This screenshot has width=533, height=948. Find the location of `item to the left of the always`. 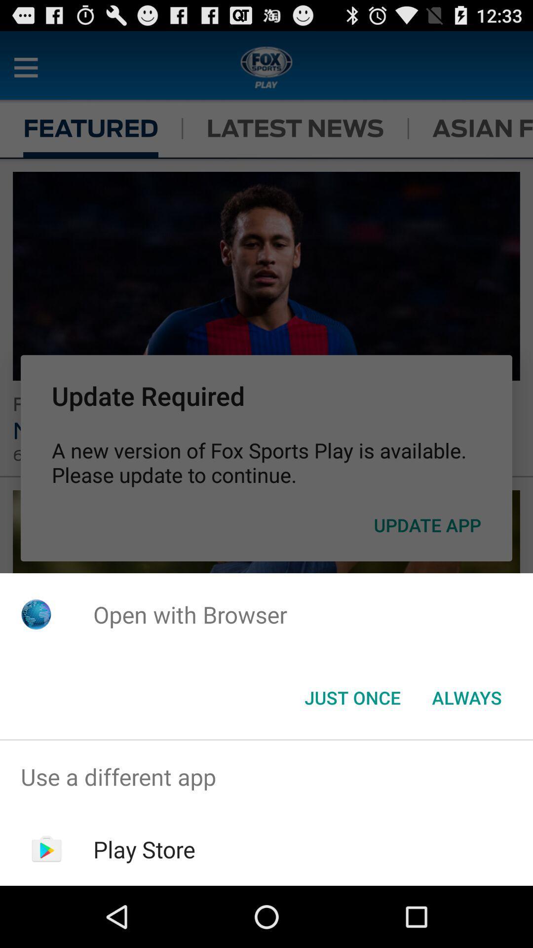

item to the left of the always is located at coordinates (352, 697).